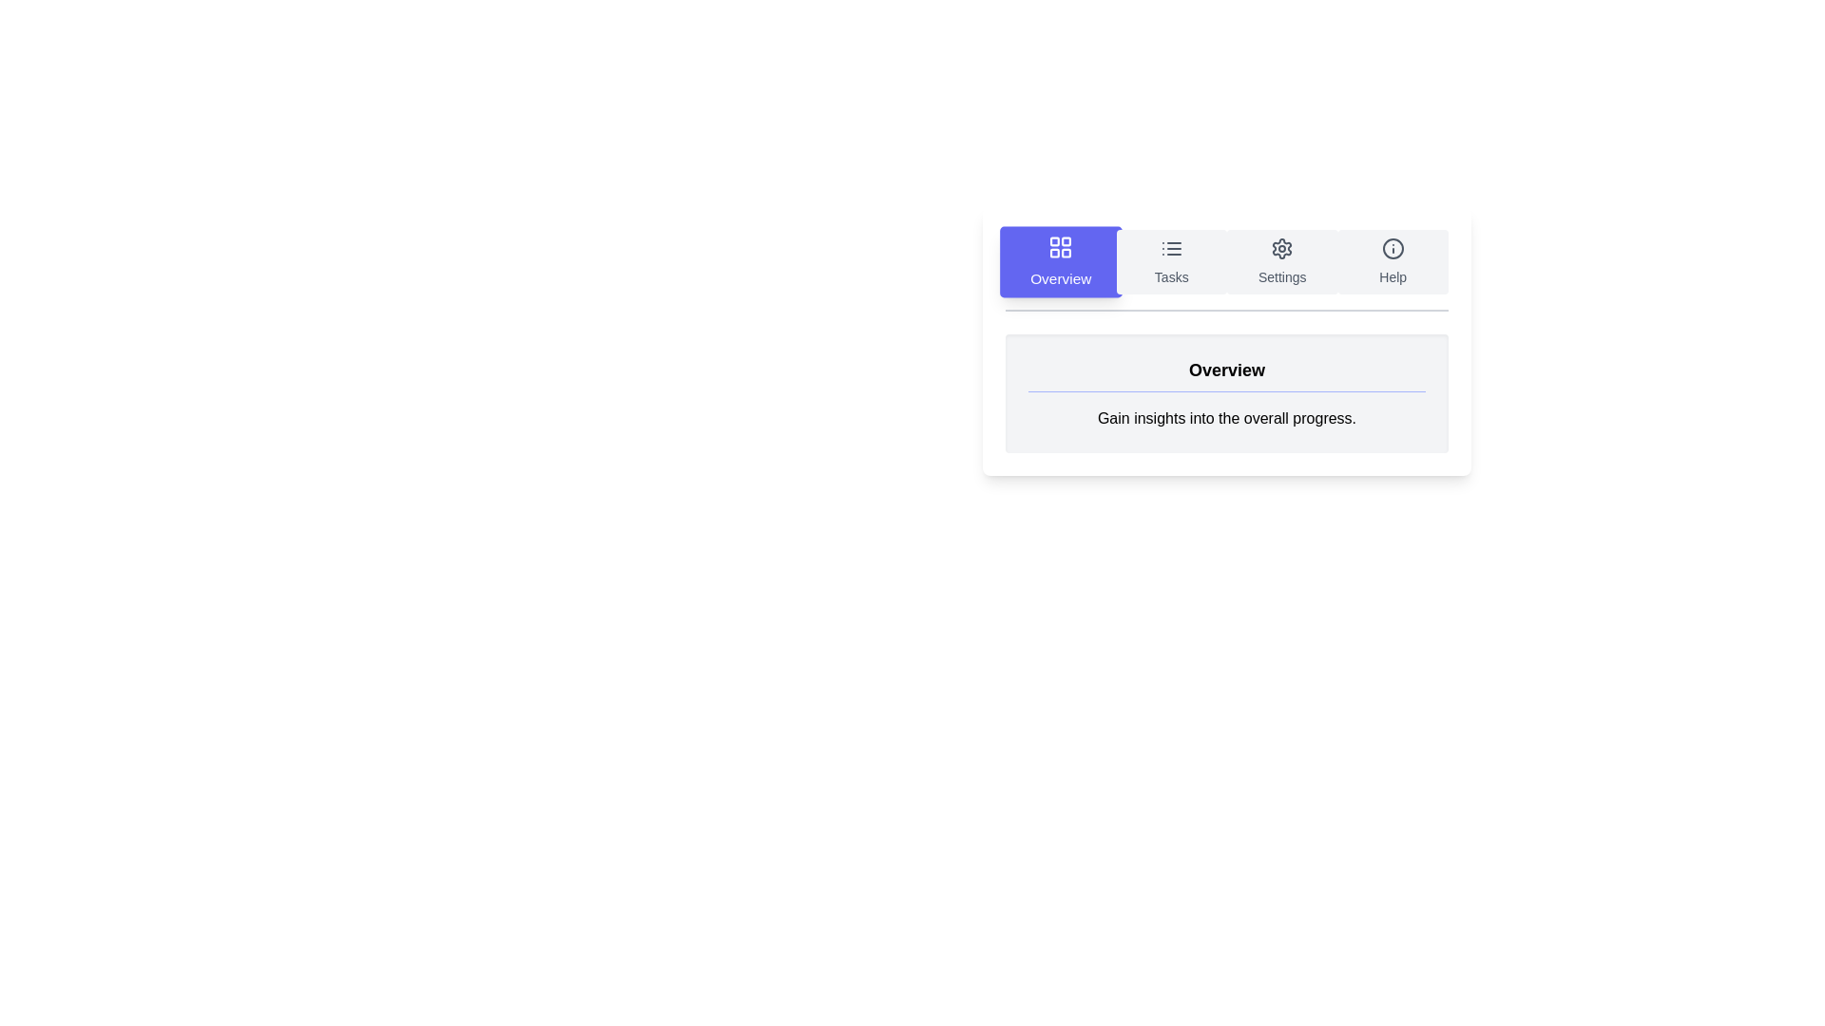 This screenshot has height=1026, width=1825. I want to click on the Help tab by clicking on its button, so click(1393, 262).